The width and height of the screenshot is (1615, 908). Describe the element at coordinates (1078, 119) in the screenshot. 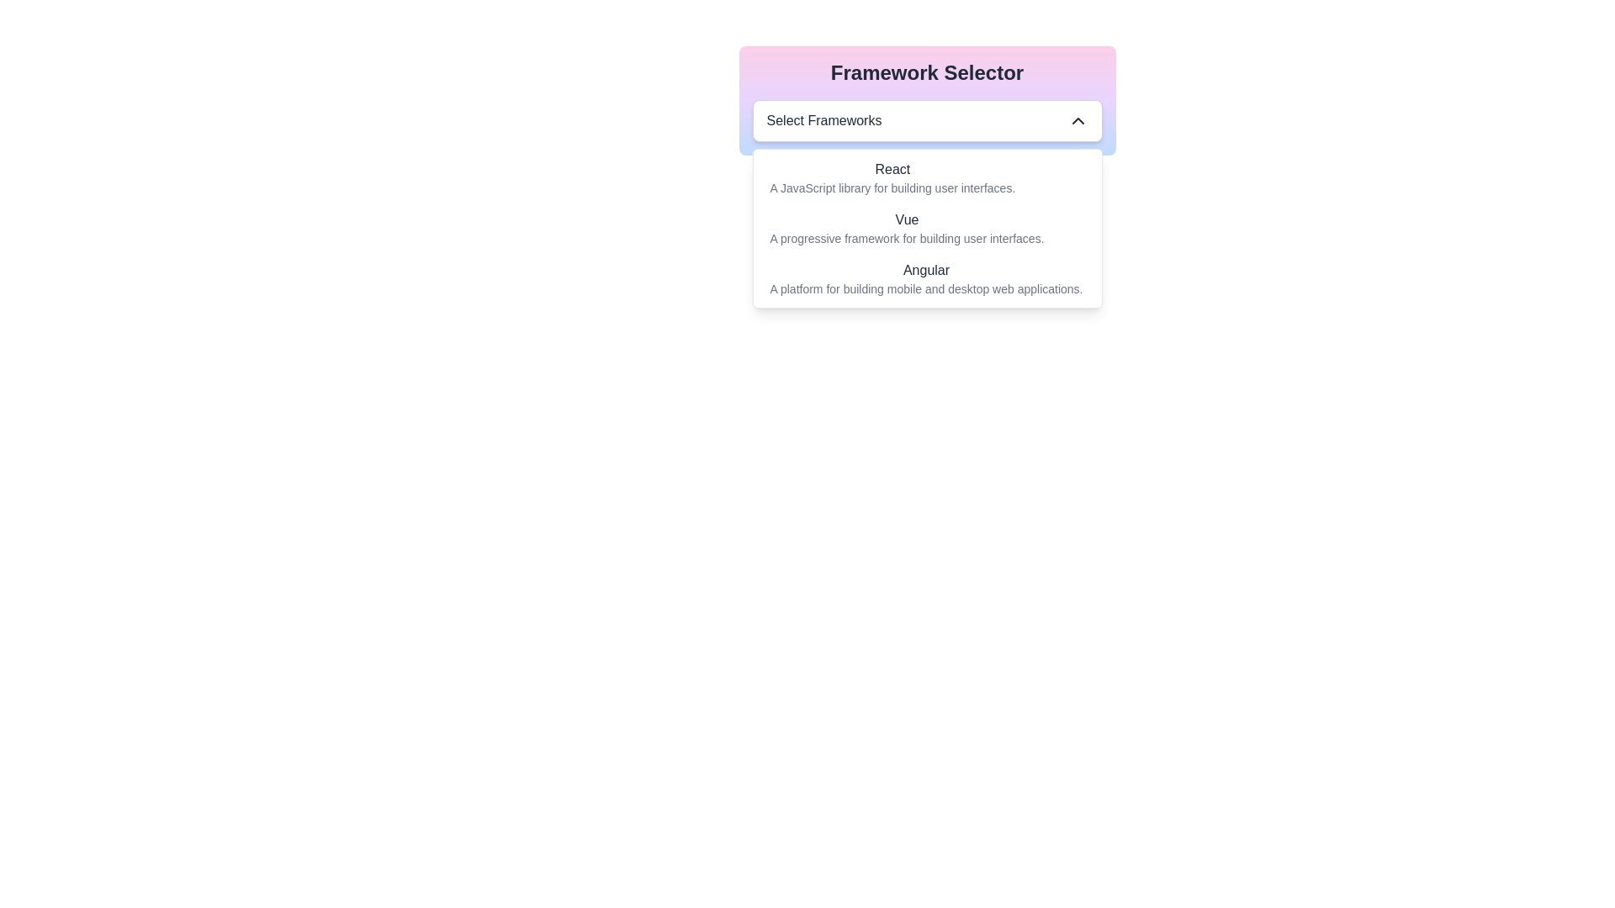

I see `the upward-pointing chevron icon located to the far right of the 'Select Frameworks' section` at that location.